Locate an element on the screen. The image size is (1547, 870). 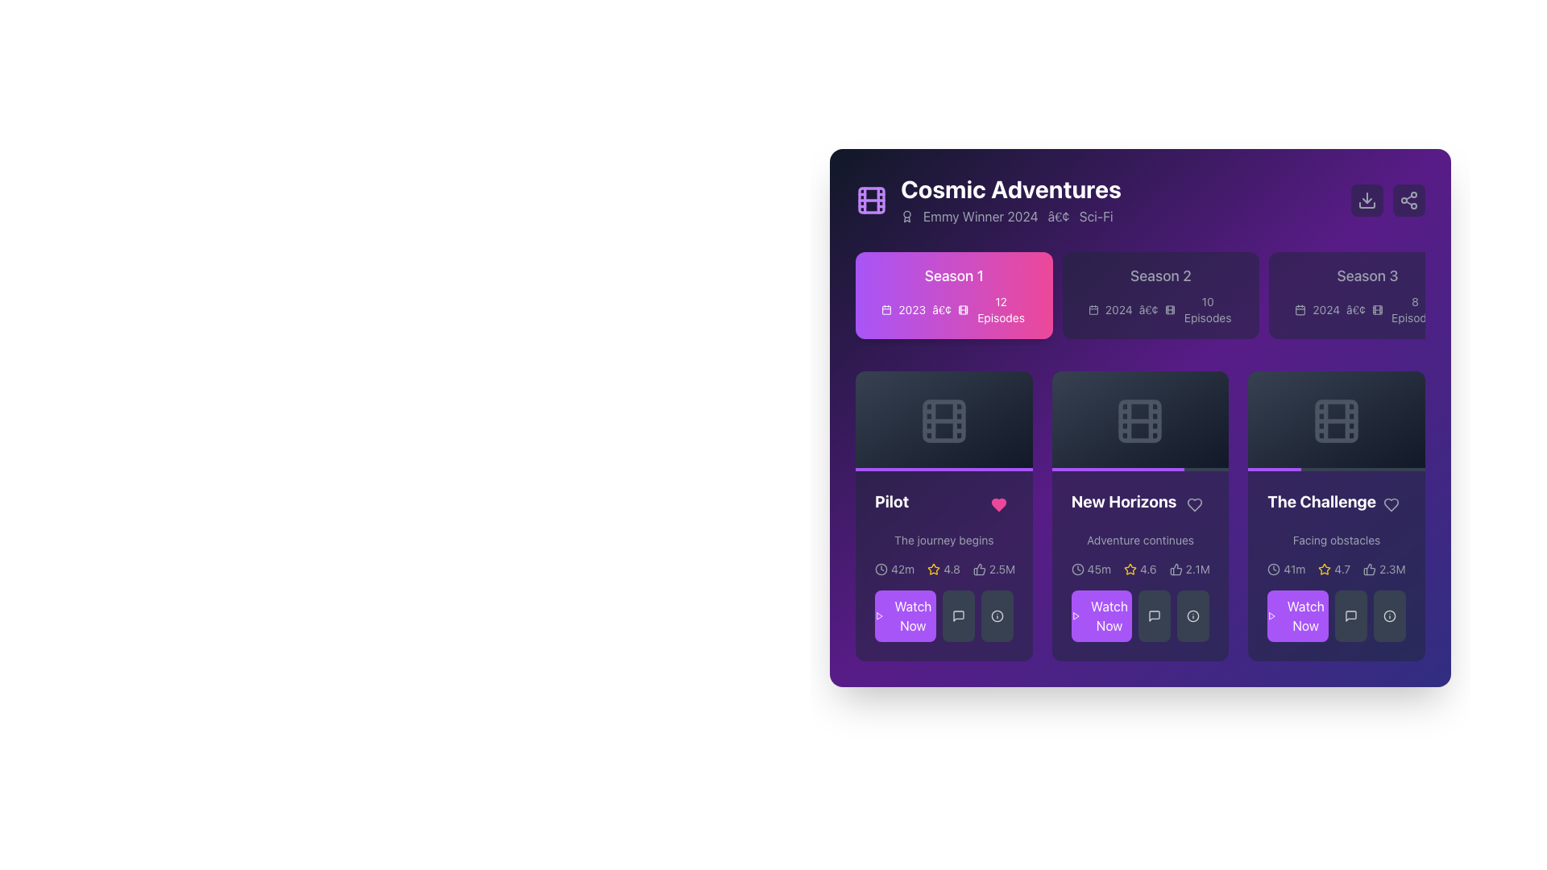
the text label displaying '42m' in light text style located within the first card, next to the clock icon is located at coordinates (902, 568).